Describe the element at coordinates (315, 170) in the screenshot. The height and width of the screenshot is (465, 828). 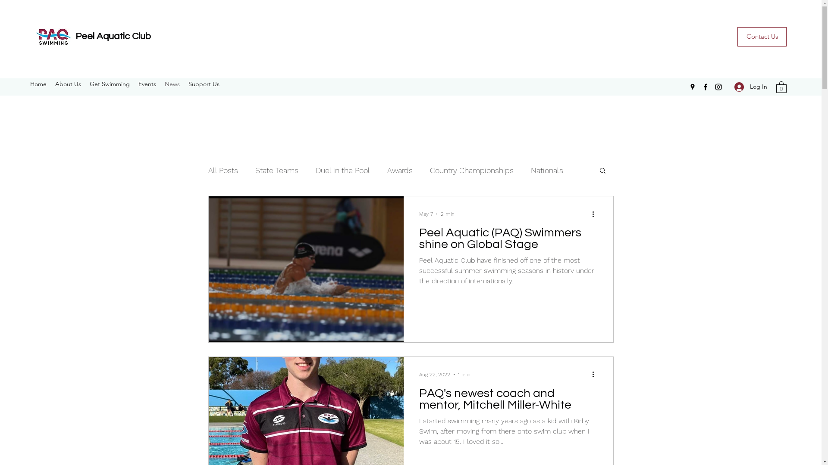
I see `'Duel in the Pool'` at that location.